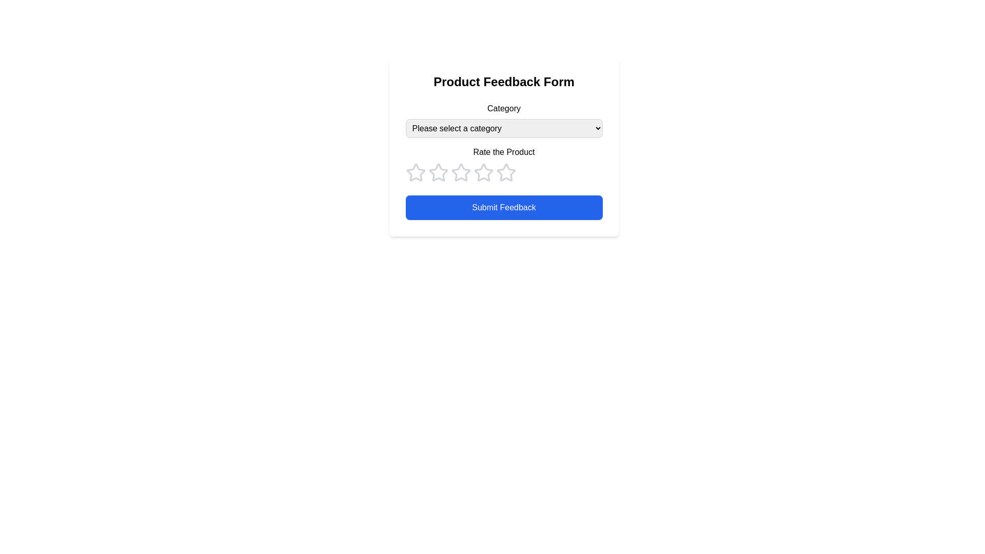 The height and width of the screenshot is (554, 985). What do you see at coordinates (506, 172) in the screenshot?
I see `the fourth star icon in the rating system located below the 'Rate the Product' label in the feedback form interface` at bounding box center [506, 172].